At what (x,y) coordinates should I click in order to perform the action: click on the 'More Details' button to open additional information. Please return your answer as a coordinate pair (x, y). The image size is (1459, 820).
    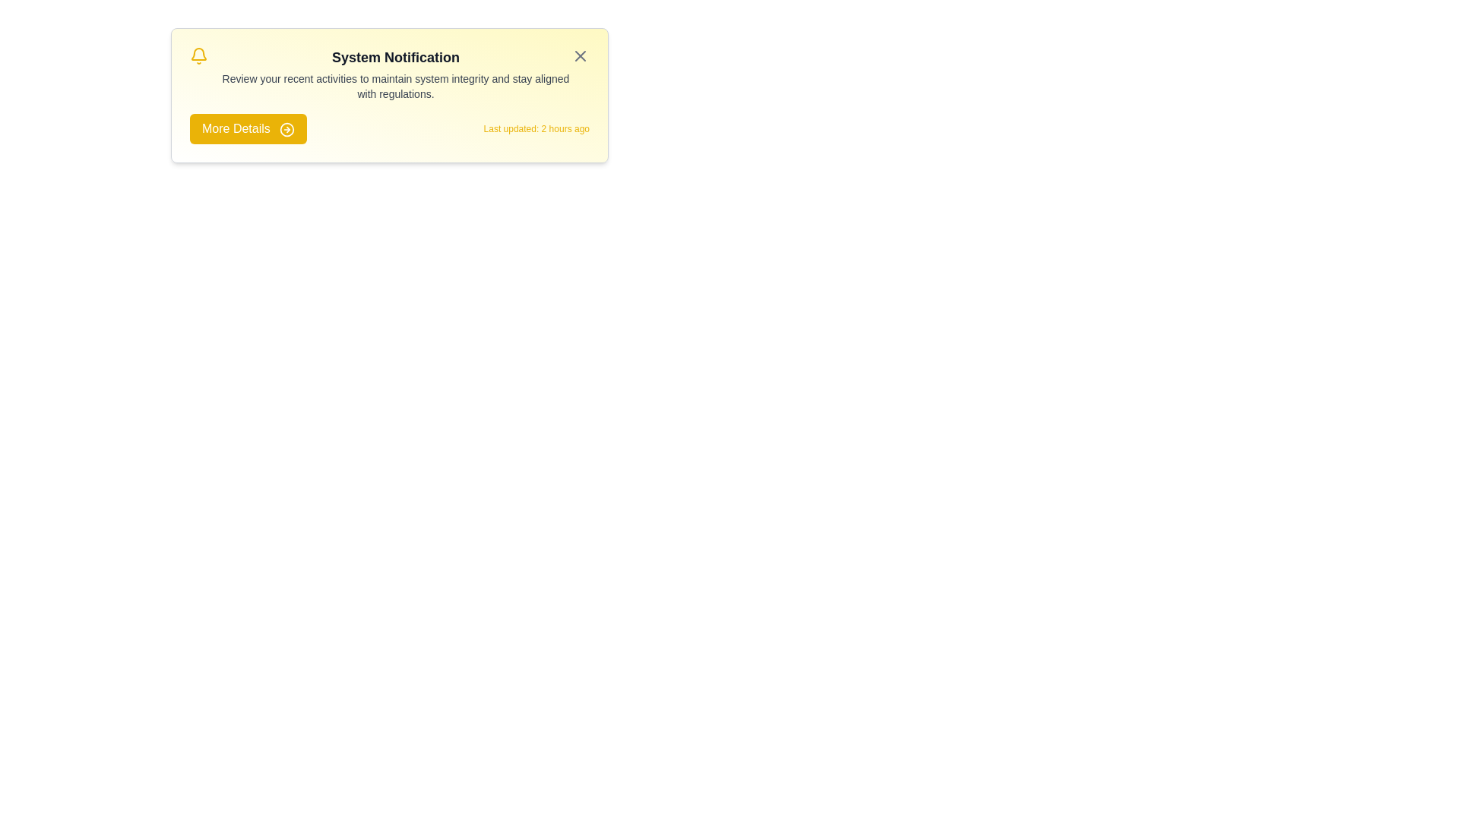
    Looking at the image, I should click on (248, 128).